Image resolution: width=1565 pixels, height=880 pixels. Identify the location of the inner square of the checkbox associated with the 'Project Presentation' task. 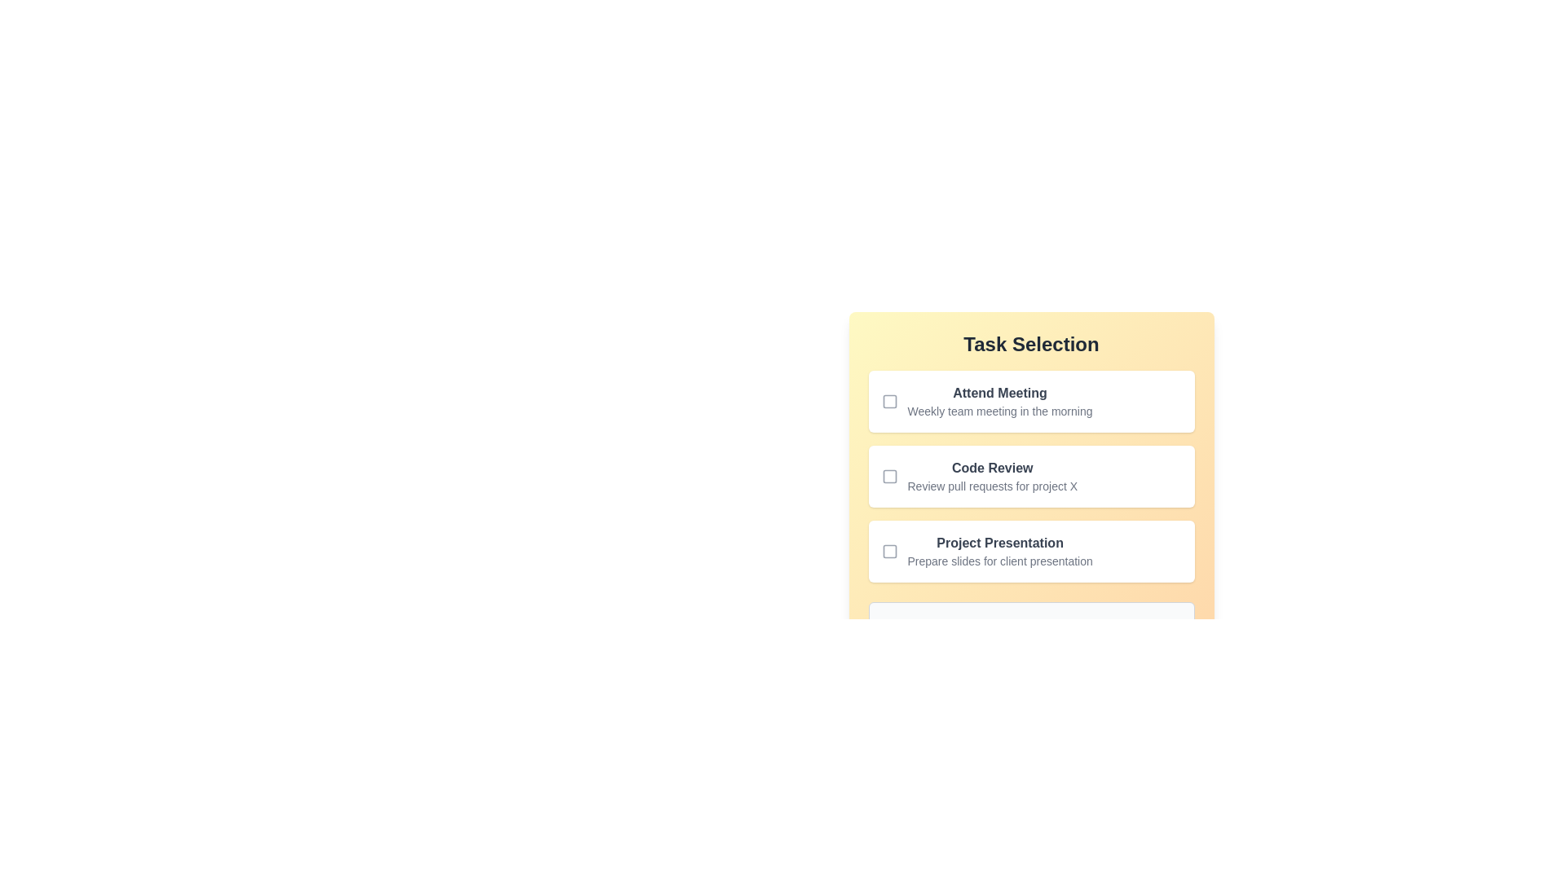
(888, 551).